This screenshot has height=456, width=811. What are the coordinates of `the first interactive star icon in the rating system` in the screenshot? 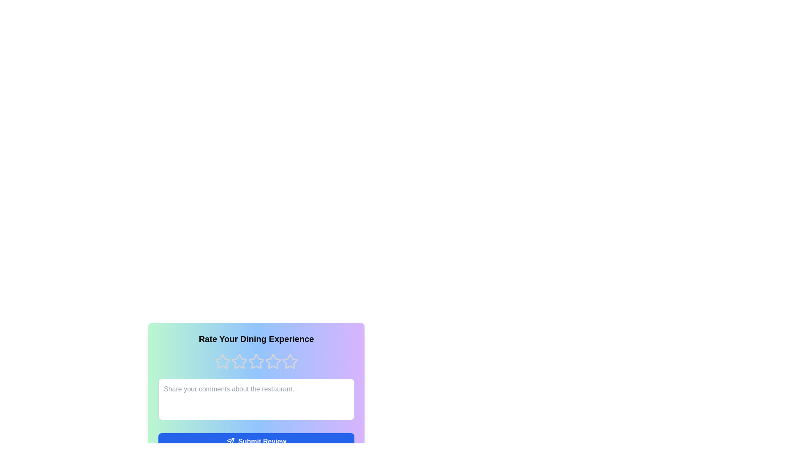 It's located at (223, 361).